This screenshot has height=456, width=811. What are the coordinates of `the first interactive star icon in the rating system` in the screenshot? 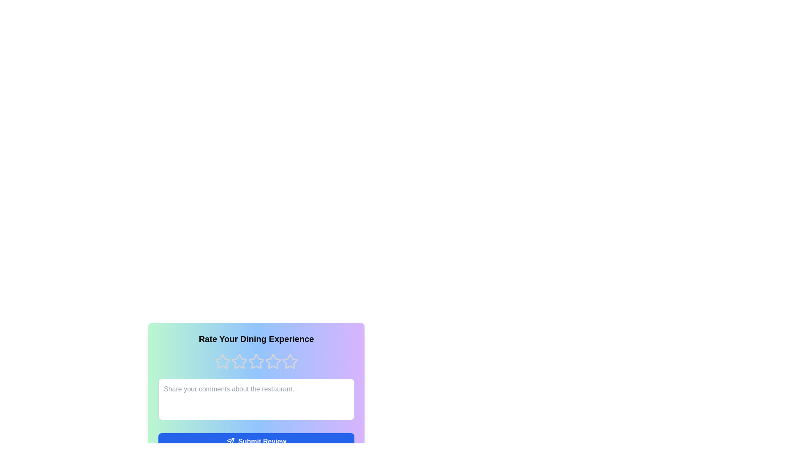 It's located at (223, 361).